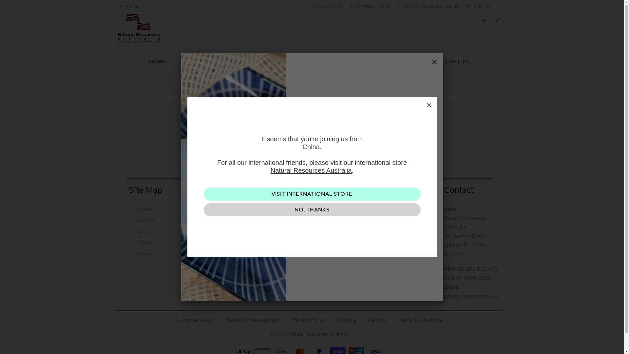  What do you see at coordinates (312, 210) in the screenshot?
I see `'NO, THANKS'` at bounding box center [312, 210].